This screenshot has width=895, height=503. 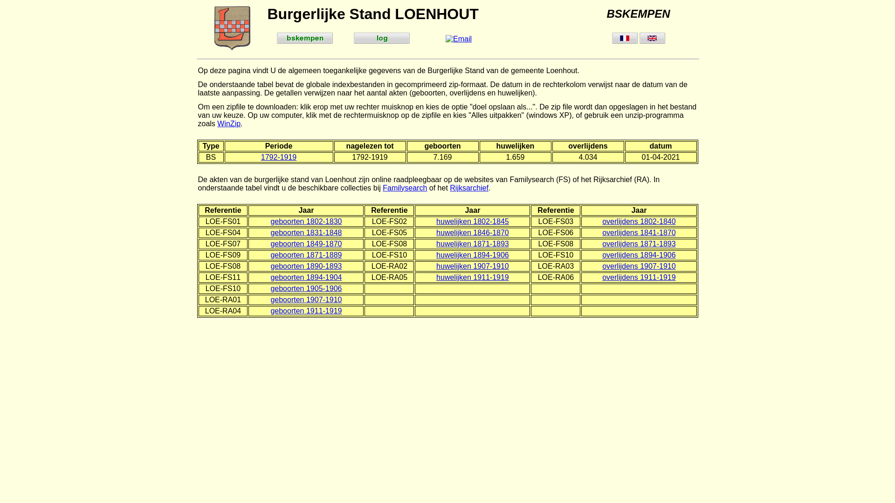 What do you see at coordinates (306, 255) in the screenshot?
I see `'geboorten 1871-1889'` at bounding box center [306, 255].